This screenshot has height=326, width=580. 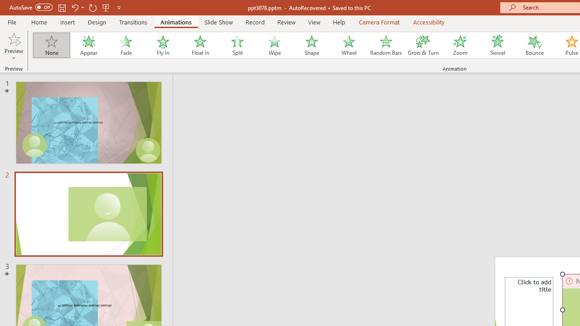 I want to click on 'Fly In', so click(x=163, y=45).